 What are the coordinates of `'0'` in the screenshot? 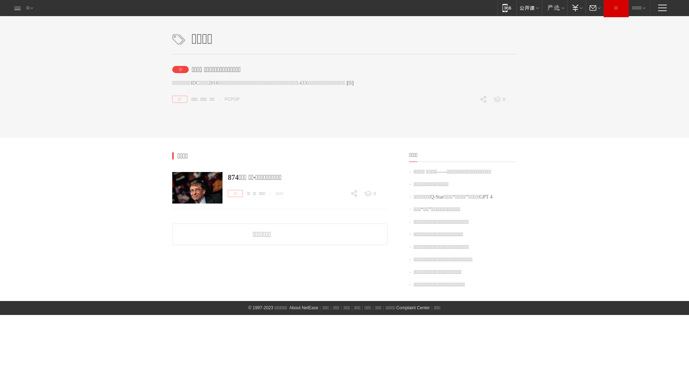 It's located at (339, 206).